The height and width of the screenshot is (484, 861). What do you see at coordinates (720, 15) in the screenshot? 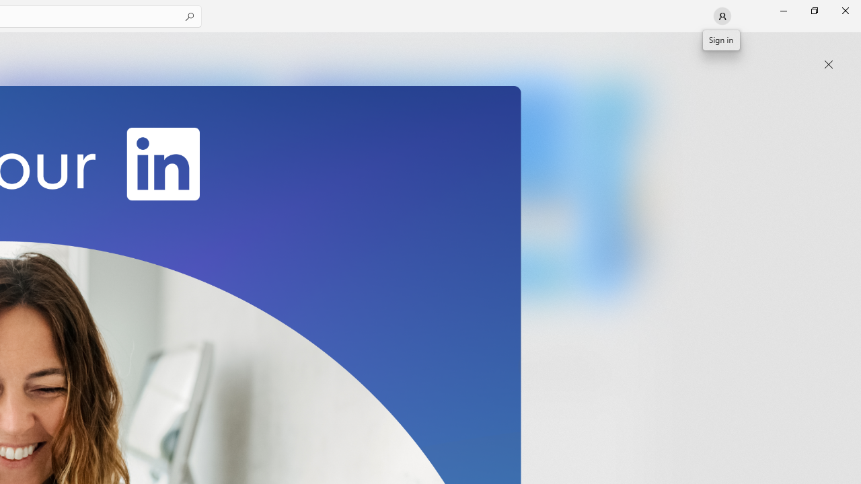
I see `'User profile'` at bounding box center [720, 15].